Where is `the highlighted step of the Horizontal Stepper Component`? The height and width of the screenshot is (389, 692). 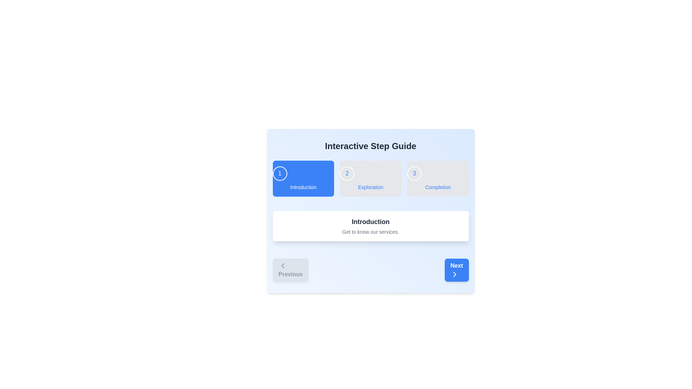 the highlighted step of the Horizontal Stepper Component is located at coordinates (371, 178).